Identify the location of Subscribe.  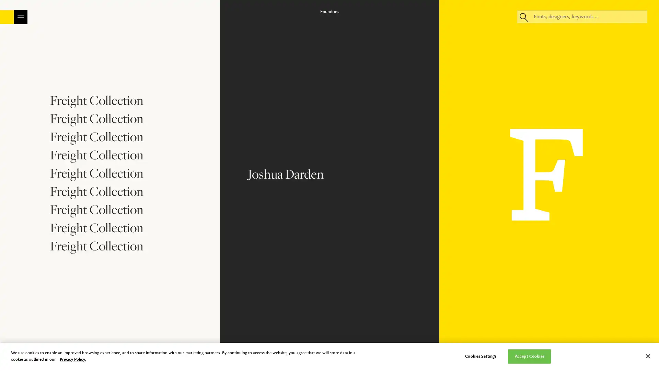
(329, 185).